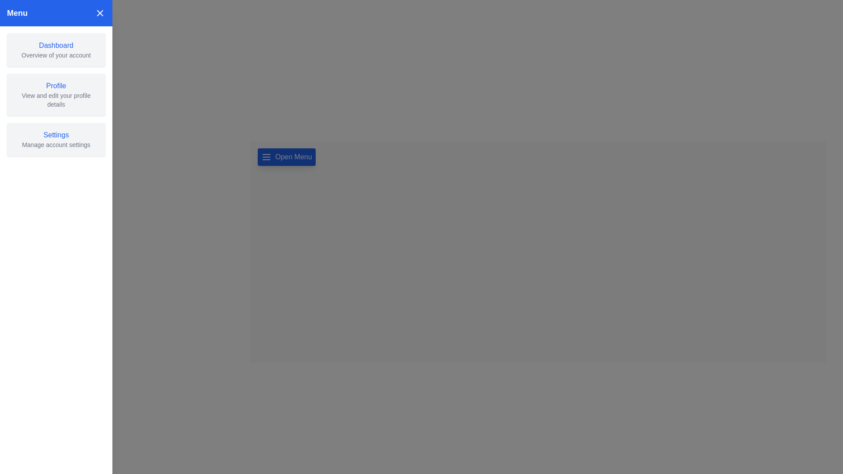 This screenshot has height=474, width=843. Describe the element at coordinates (56, 144) in the screenshot. I see `the static text label that reads 'Manage account settings', which is styled in gray and positioned below the 'Settings' label in the menu list` at that location.